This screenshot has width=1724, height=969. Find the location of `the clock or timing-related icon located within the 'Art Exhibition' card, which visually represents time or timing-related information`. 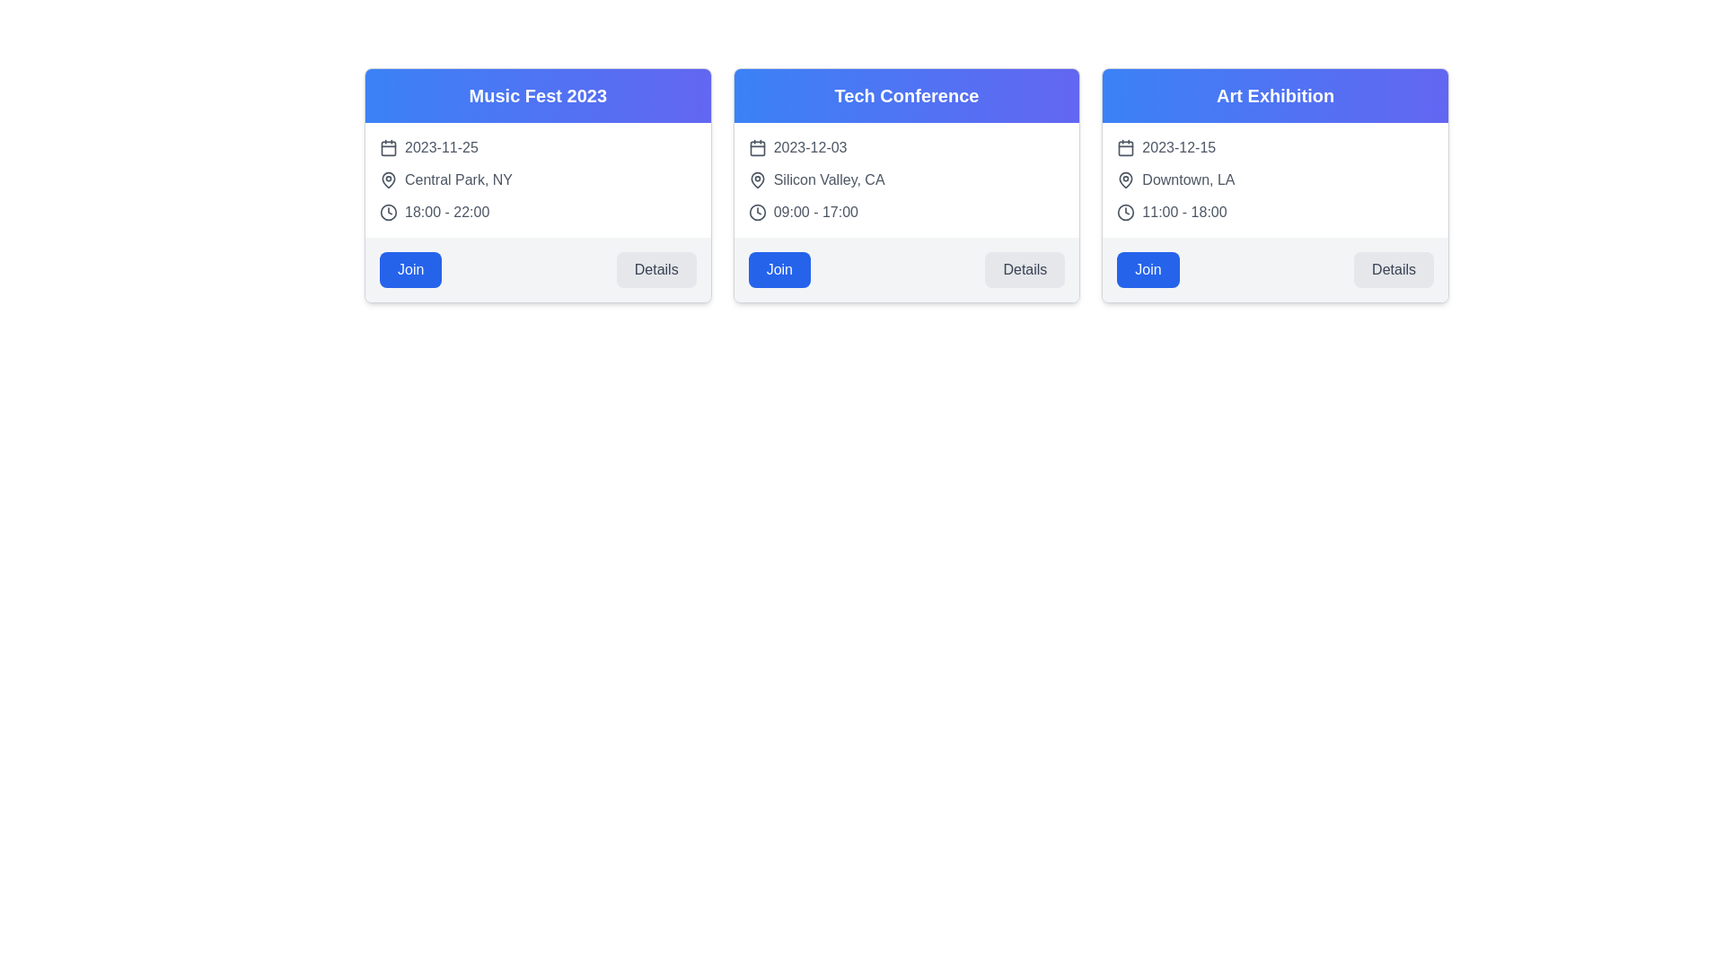

the clock or timing-related icon located within the 'Art Exhibition' card, which visually represents time or timing-related information is located at coordinates (1125, 211).